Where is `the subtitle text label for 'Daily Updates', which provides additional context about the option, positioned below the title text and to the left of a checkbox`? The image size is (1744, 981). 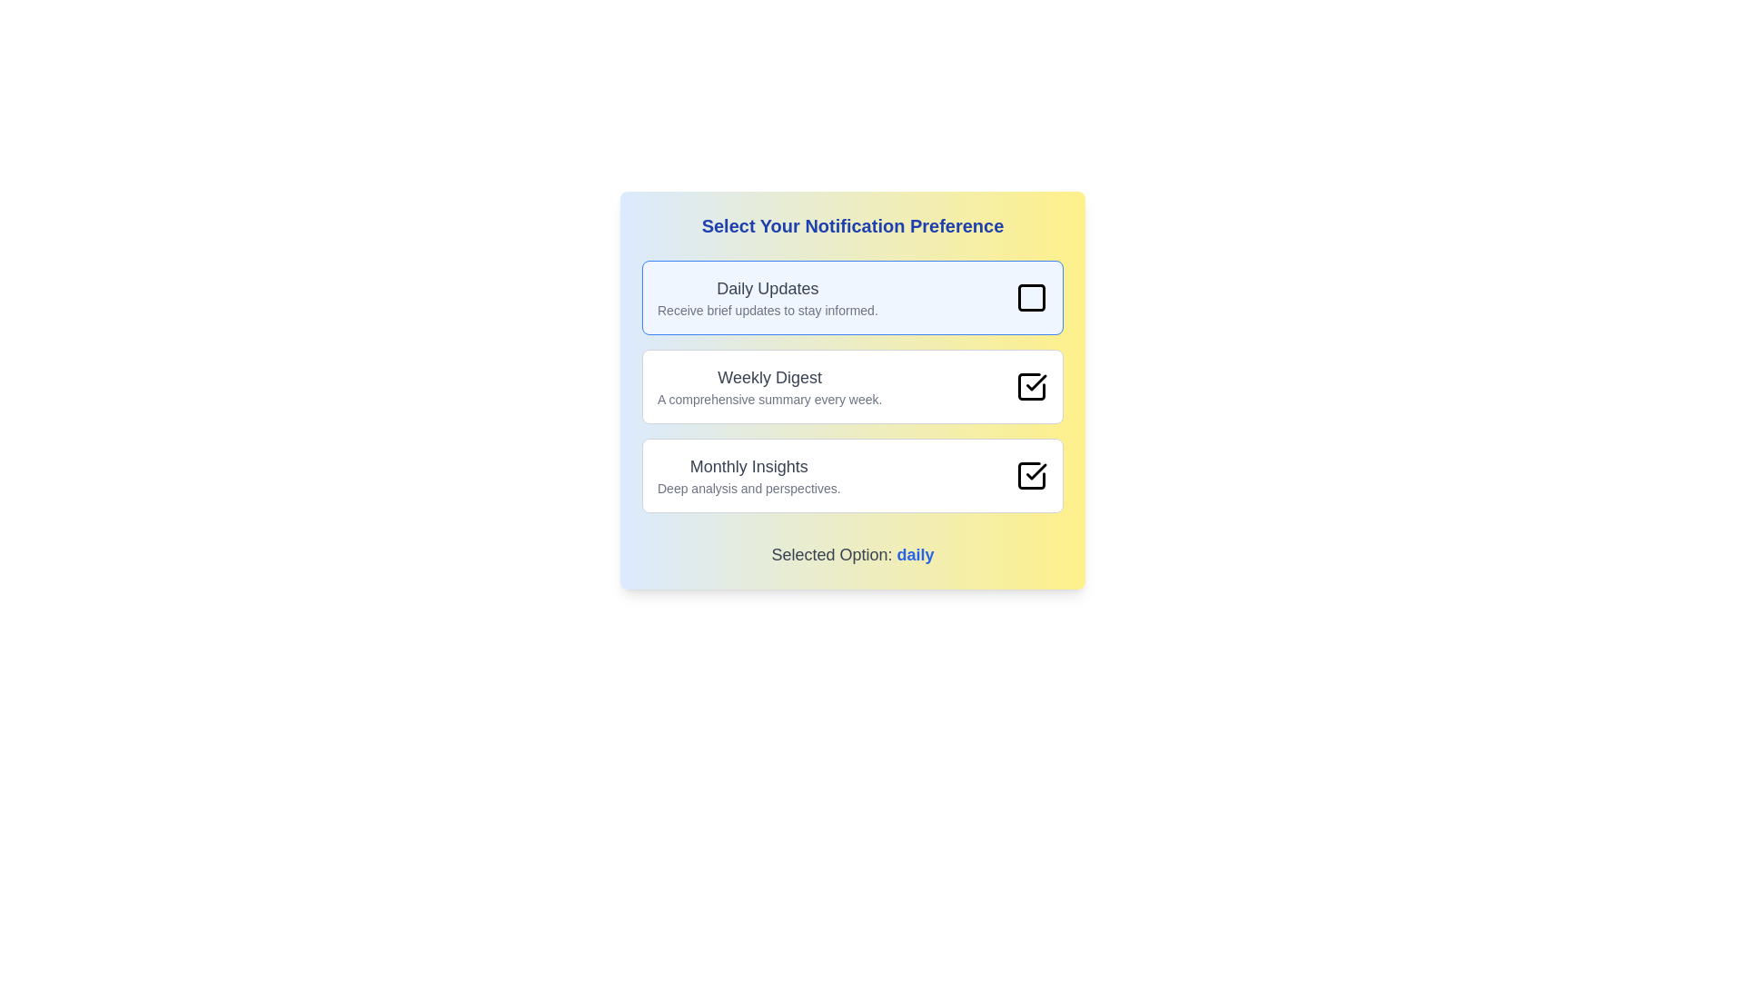
the subtitle text label for 'Daily Updates', which provides additional context about the option, positioned below the title text and to the left of a checkbox is located at coordinates (768, 310).